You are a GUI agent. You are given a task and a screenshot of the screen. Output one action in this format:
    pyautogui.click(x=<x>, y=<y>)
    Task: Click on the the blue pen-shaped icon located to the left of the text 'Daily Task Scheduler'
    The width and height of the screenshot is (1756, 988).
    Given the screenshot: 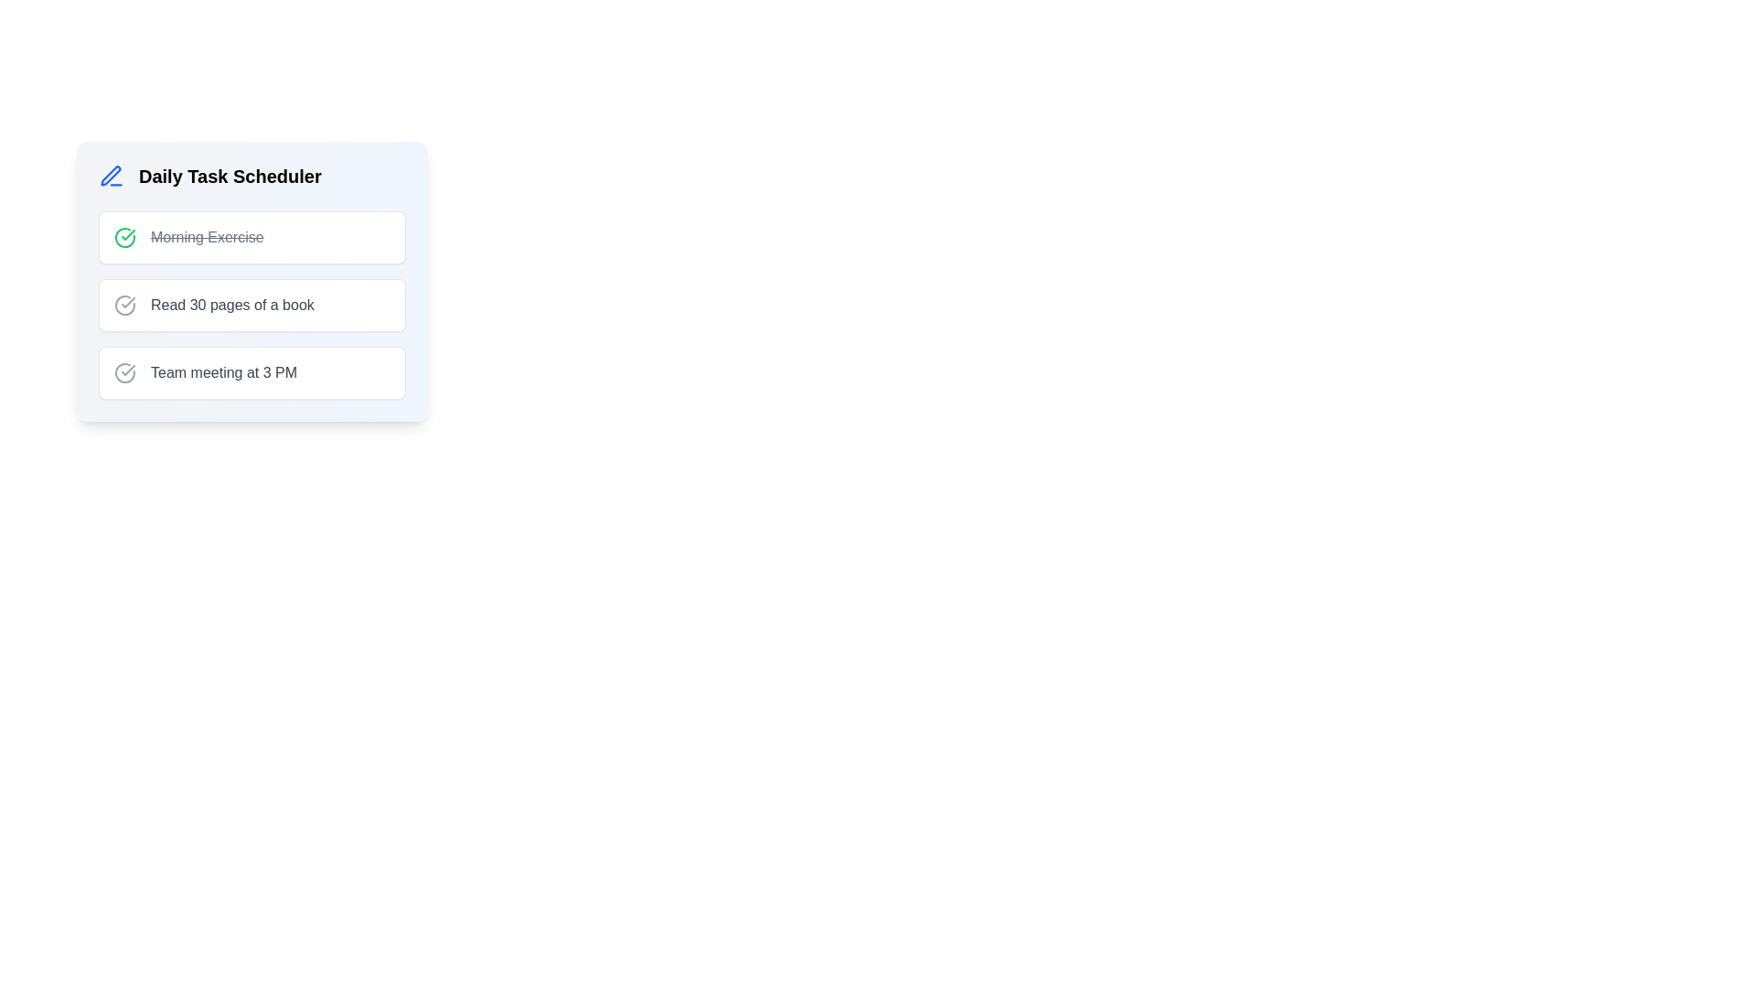 What is the action you would take?
    pyautogui.click(x=110, y=176)
    